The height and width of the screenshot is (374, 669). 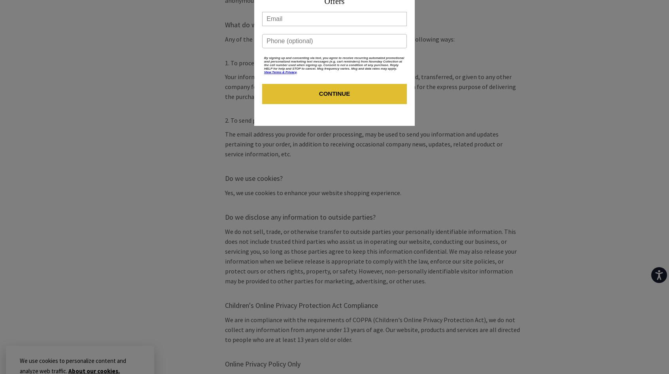 I want to click on 'Do we use cookies?', so click(x=253, y=178).